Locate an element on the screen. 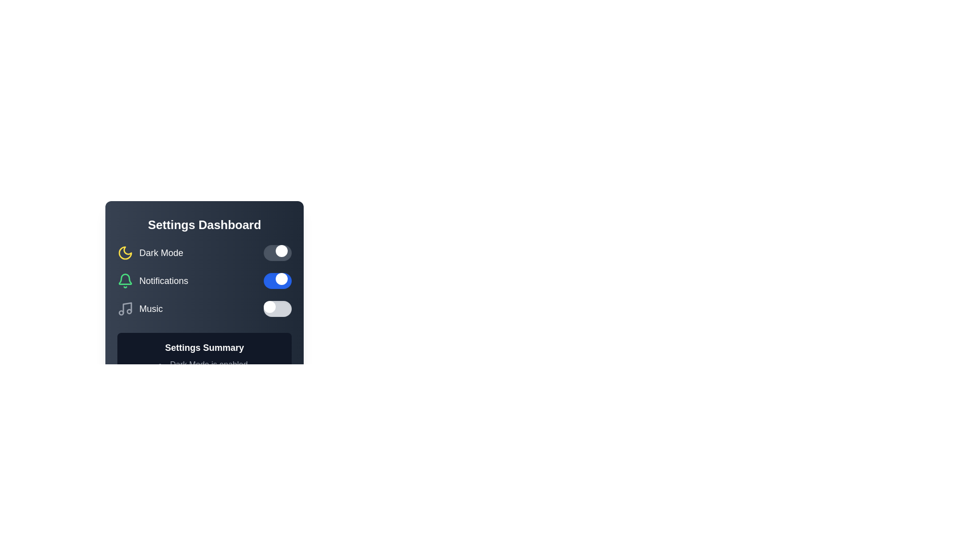  the toggle switch located at the far right within the 'Music' row in the settings menu is located at coordinates (278, 308).